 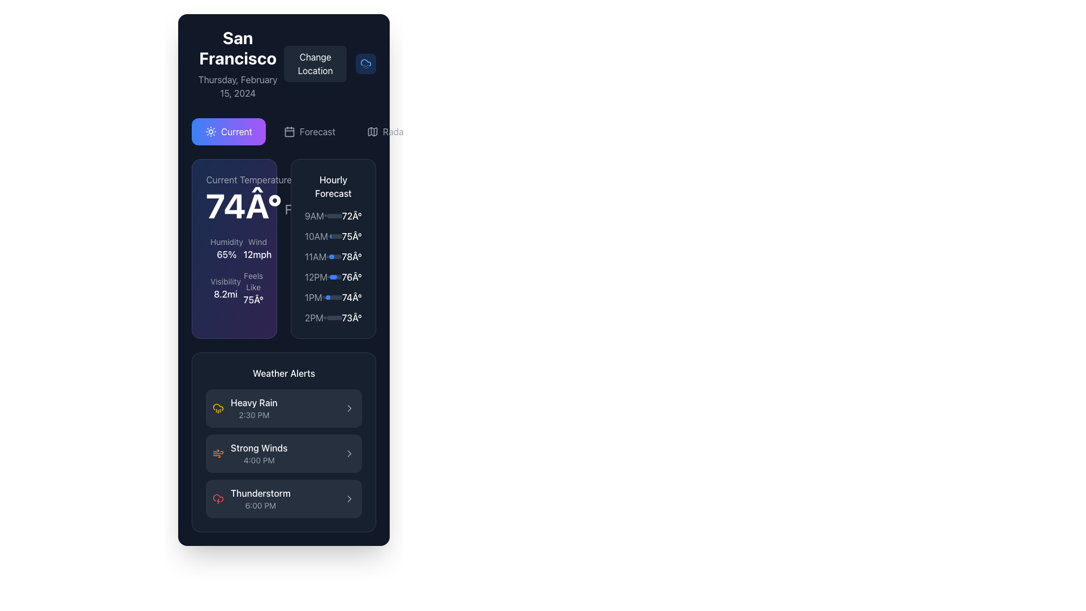 I want to click on the static text label that describes the temperature value, located on the left panel below the visibility metric, so click(x=253, y=281).